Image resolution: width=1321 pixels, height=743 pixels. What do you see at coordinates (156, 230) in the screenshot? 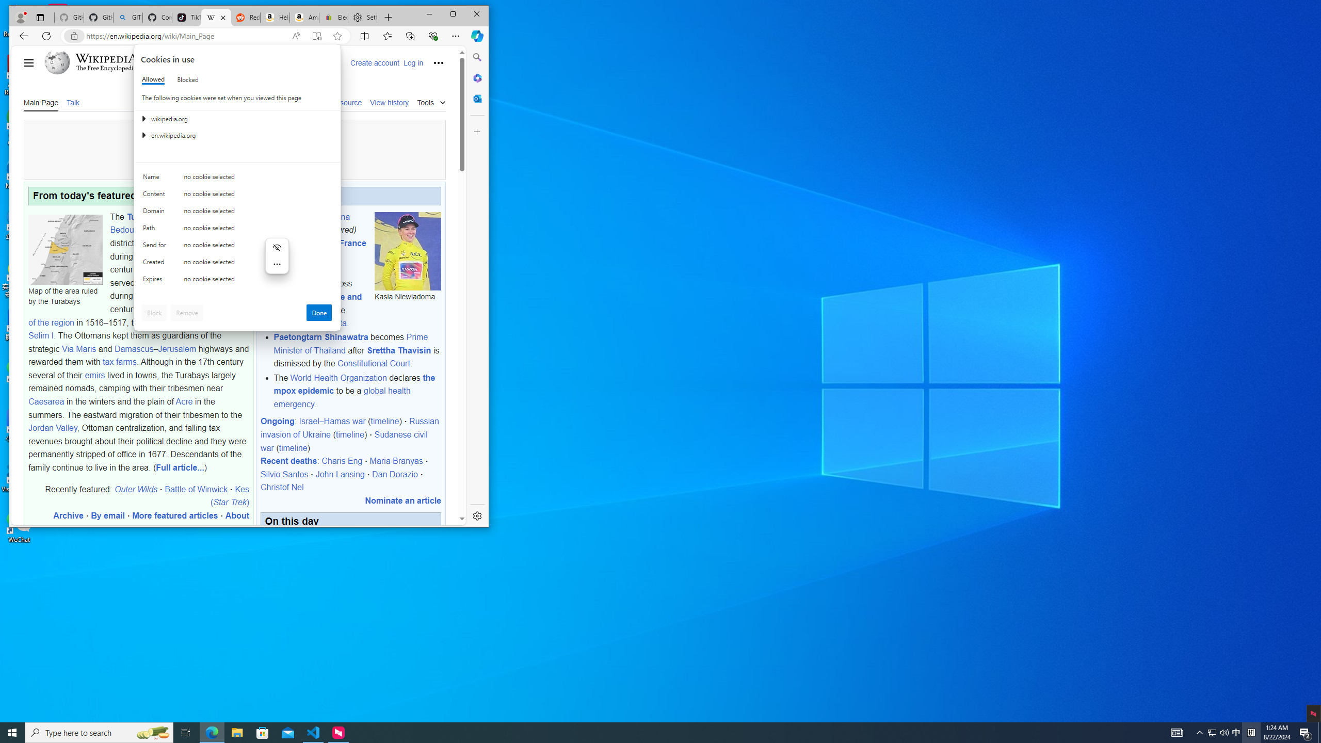
I see `'Path'` at bounding box center [156, 230].